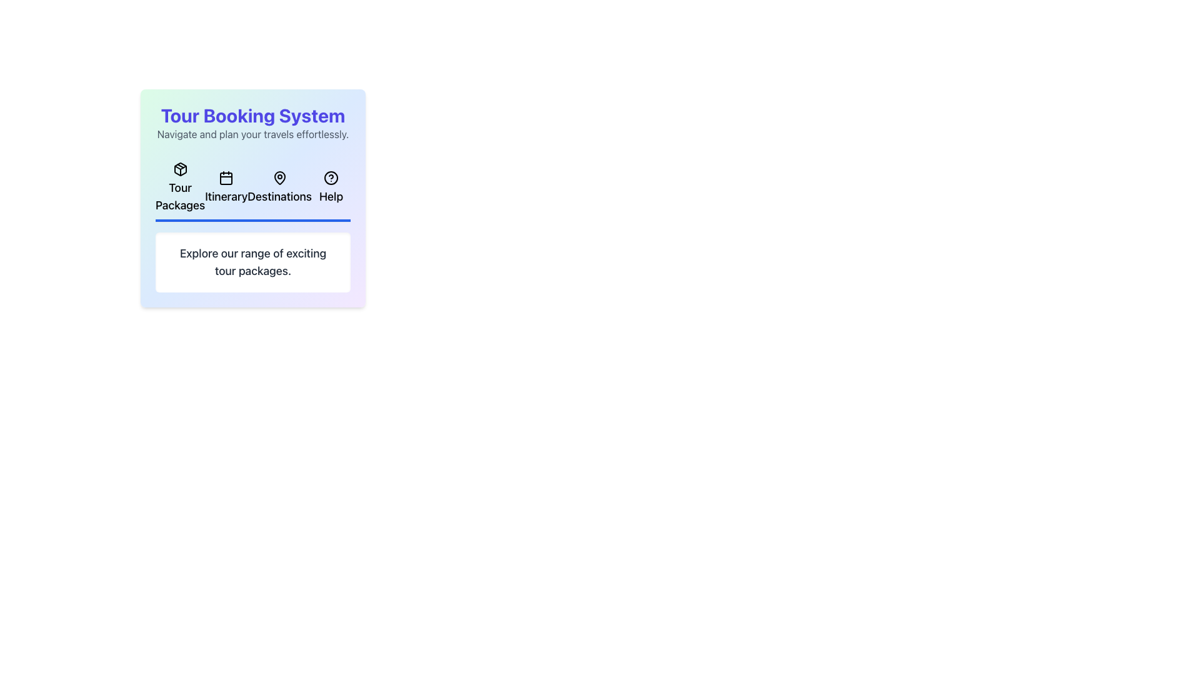 This screenshot has height=675, width=1200. Describe the element at coordinates (226, 178) in the screenshot. I see `the calendar icon representing the itinerary functionality, located second from the left above the text 'Itinerary'` at that location.